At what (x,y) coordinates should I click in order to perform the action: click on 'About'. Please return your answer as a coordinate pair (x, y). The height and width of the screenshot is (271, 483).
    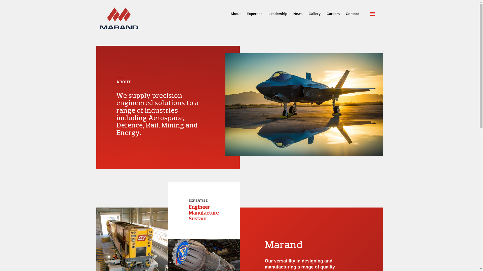
    Looking at the image, I should click on (235, 11).